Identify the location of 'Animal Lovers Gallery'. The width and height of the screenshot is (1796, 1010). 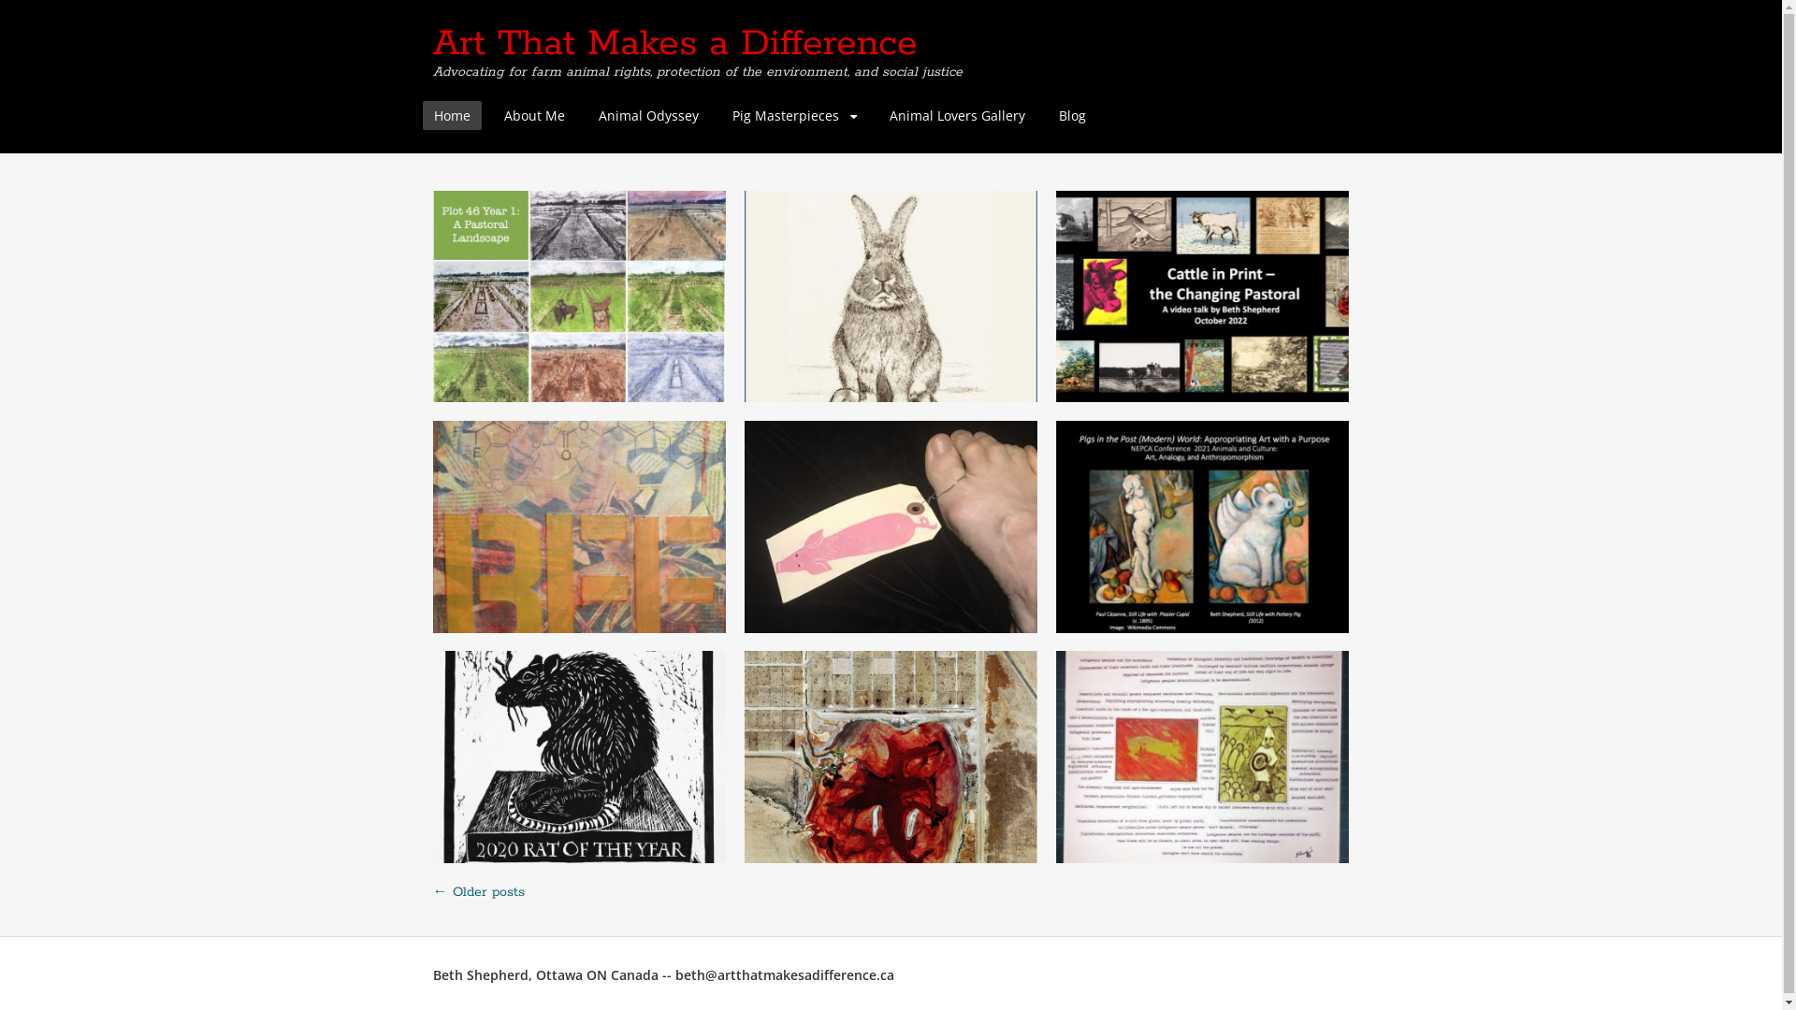
(876, 115).